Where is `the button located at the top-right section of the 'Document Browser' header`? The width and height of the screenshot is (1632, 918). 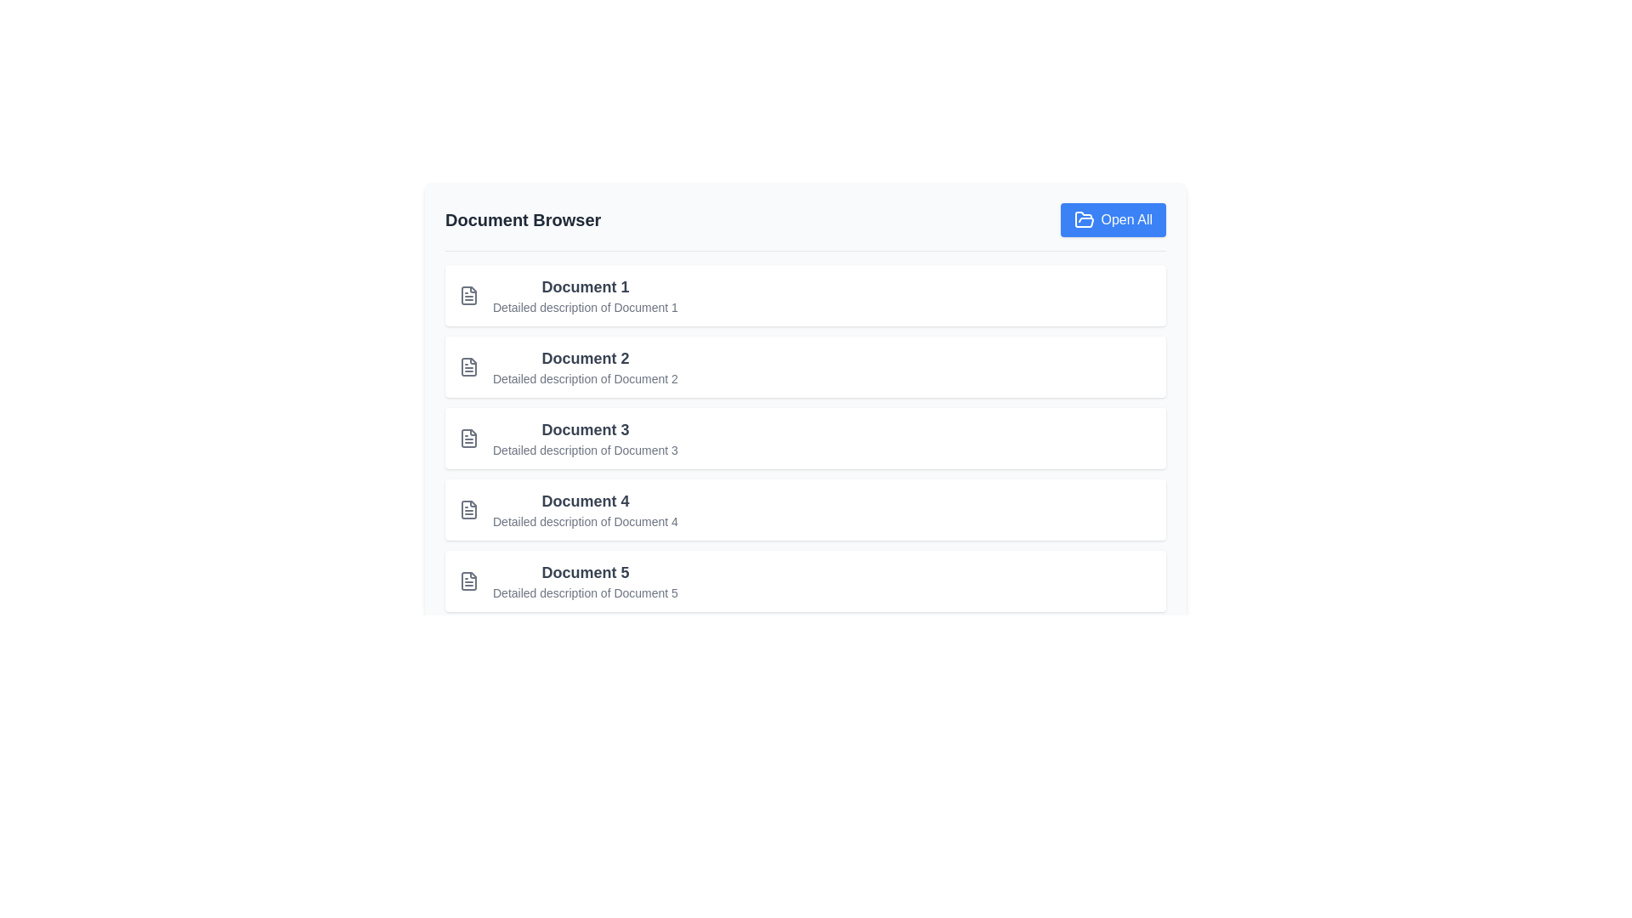 the button located at the top-right section of the 'Document Browser' header is located at coordinates (1113, 218).